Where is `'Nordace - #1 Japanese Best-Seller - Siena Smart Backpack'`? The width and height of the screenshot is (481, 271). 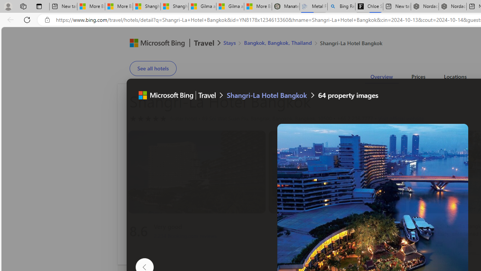 'Nordace - #1 Japanese Best-Seller - Siena Smart Backpack' is located at coordinates (452, 6).